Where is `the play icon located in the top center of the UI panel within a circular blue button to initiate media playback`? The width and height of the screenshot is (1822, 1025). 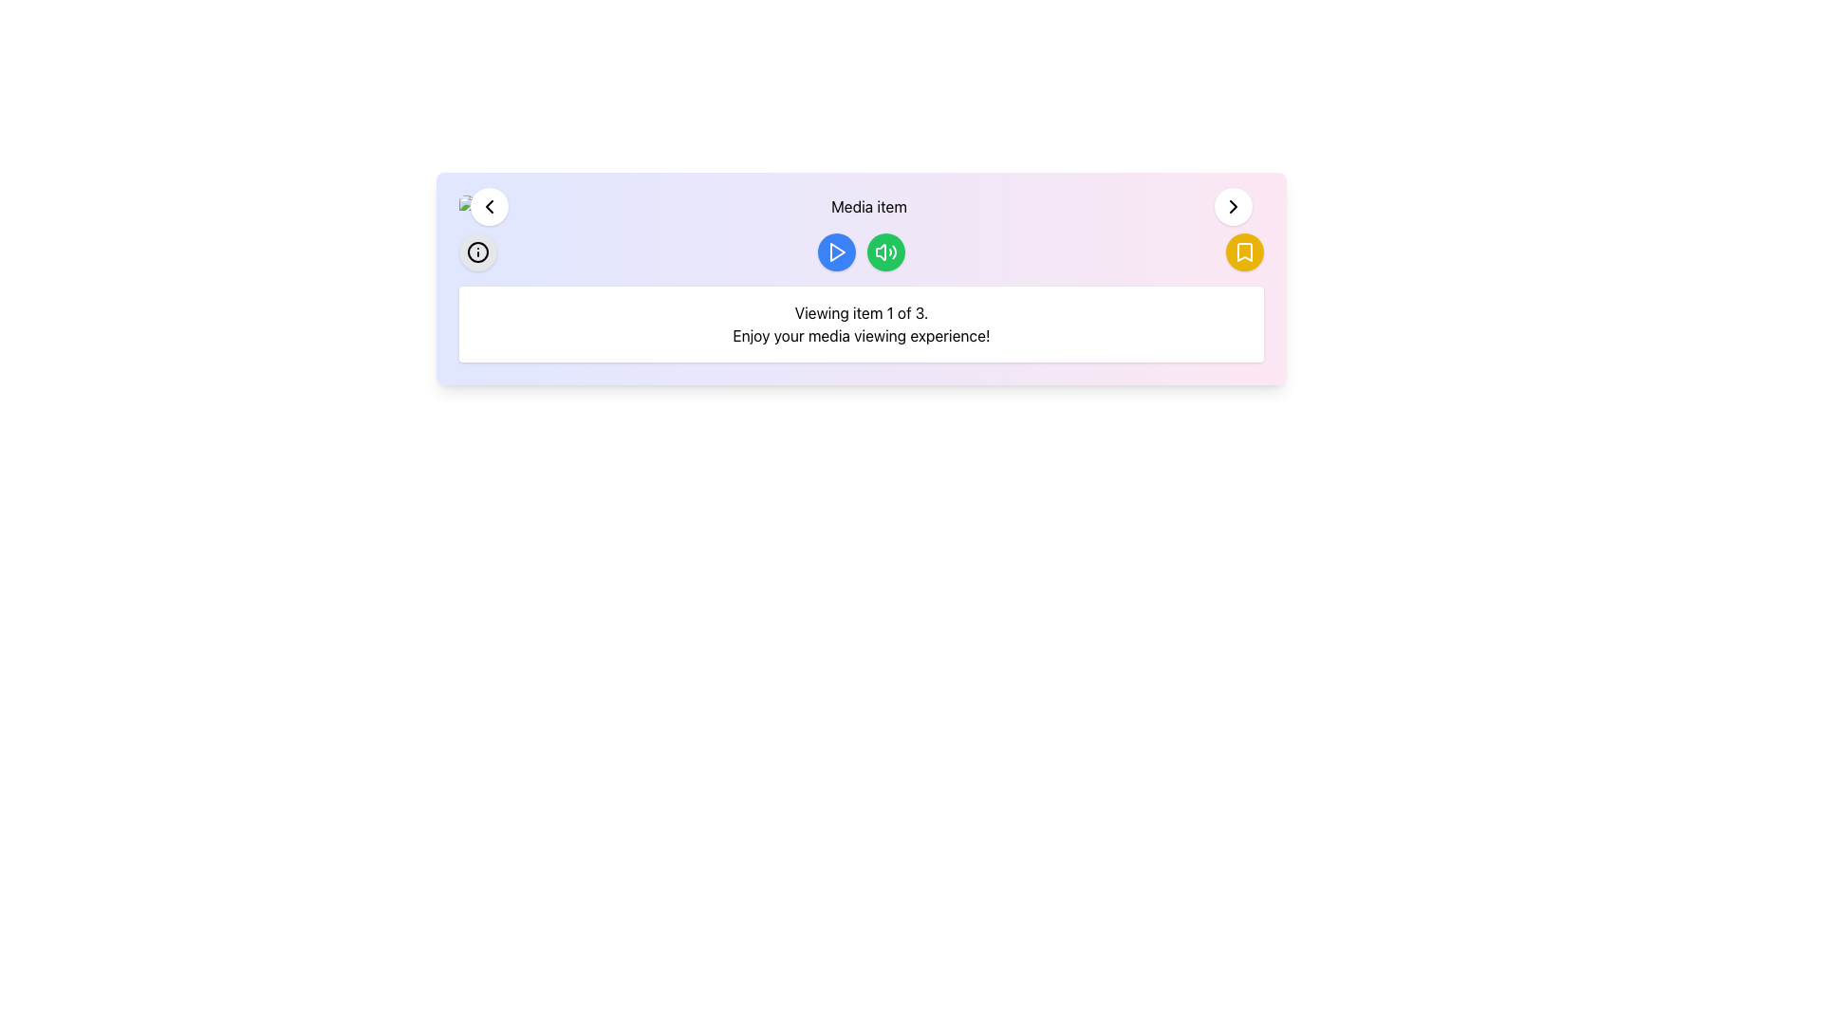
the play icon located in the top center of the UI panel within a circular blue button to initiate media playback is located at coordinates (837, 252).